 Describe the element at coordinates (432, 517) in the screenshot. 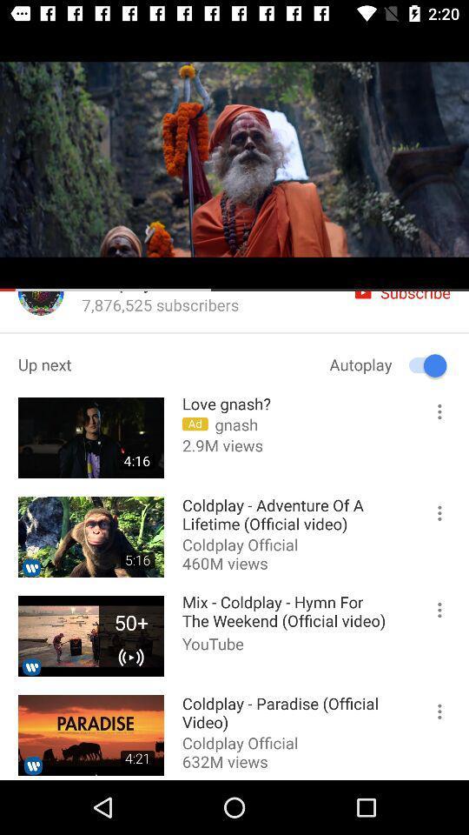

I see `options icon next to coldplayadventure of a lifetimeofficial video` at that location.